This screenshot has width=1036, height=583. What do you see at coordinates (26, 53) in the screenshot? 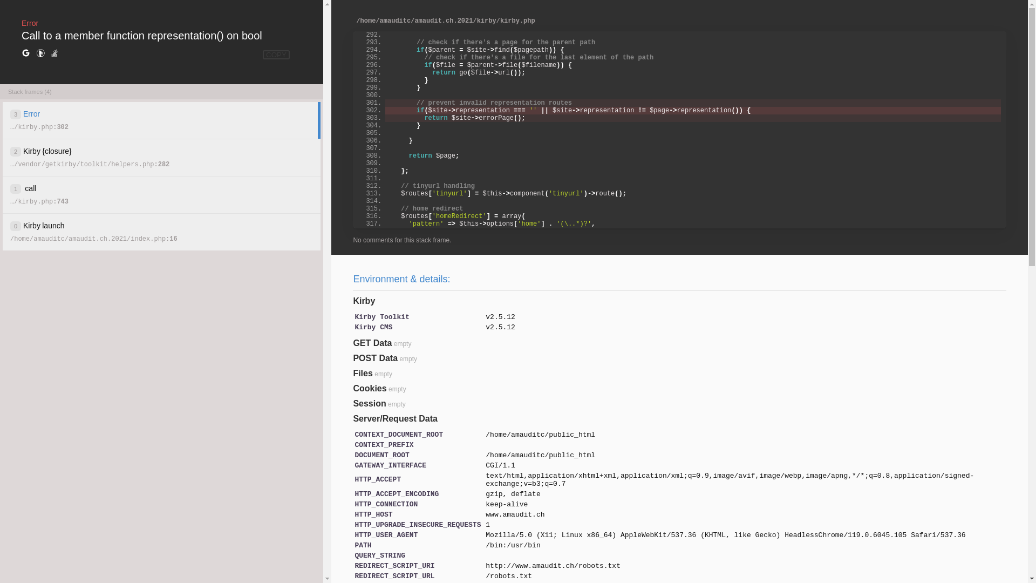
I see `'Search for help on Google.'` at bounding box center [26, 53].